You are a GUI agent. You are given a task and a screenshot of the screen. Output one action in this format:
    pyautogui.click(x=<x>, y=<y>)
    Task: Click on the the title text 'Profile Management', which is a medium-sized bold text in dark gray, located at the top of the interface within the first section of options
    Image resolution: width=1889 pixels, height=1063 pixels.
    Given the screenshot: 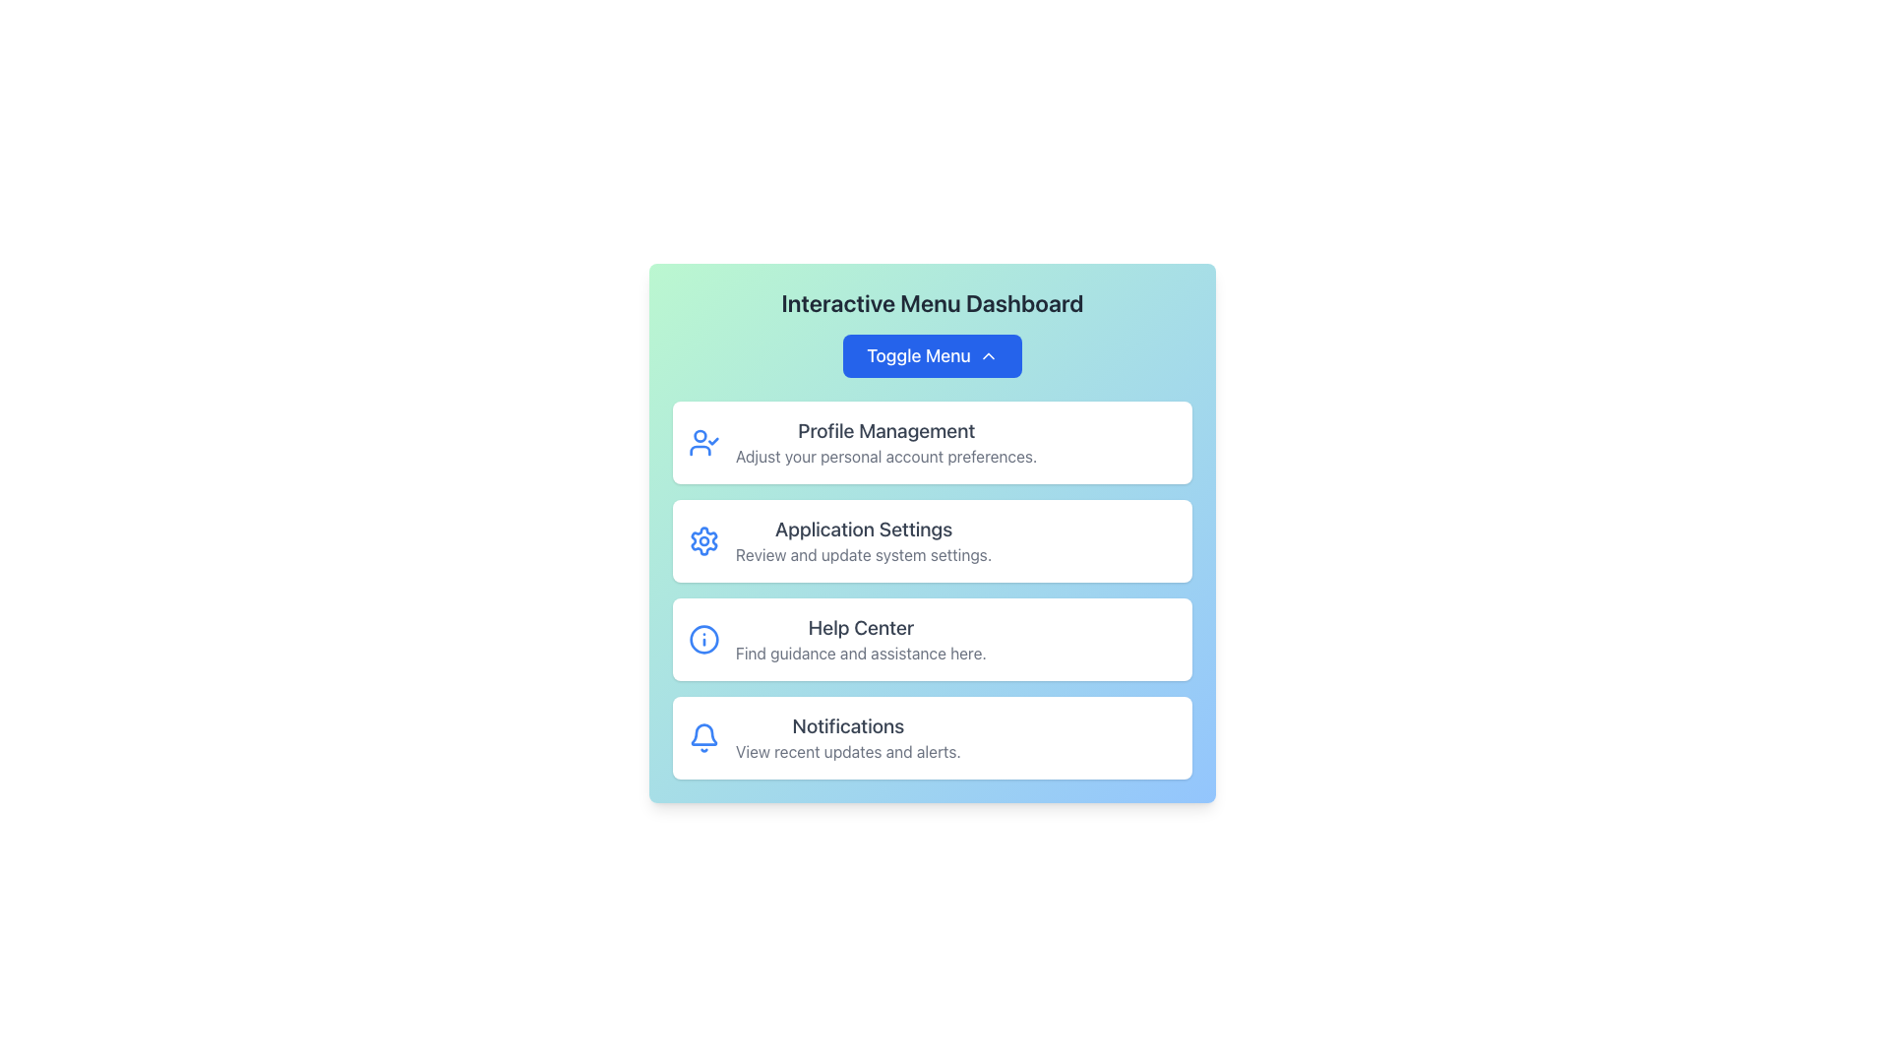 What is the action you would take?
    pyautogui.click(x=885, y=430)
    